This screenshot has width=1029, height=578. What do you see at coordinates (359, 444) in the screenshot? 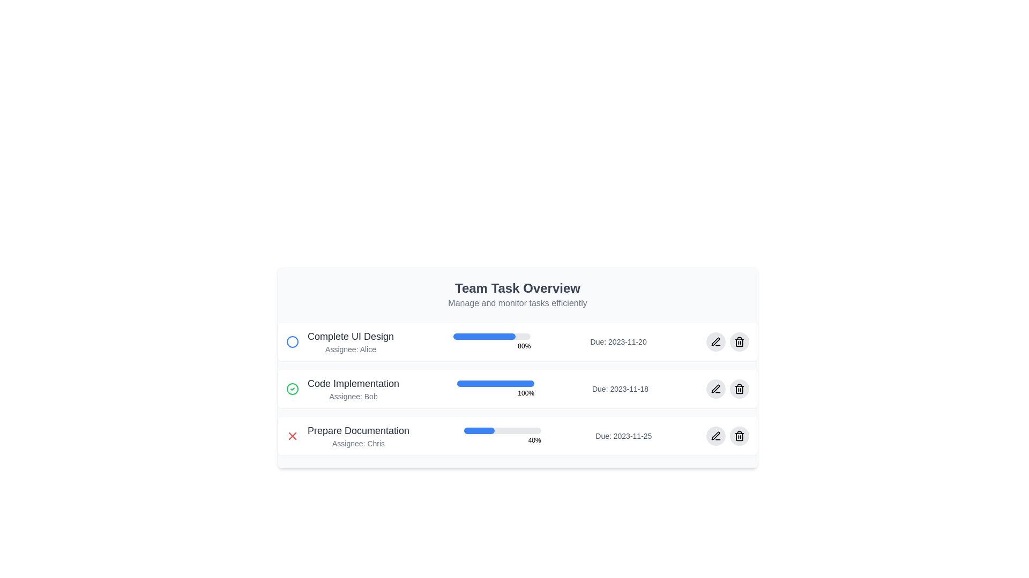
I see `the text label displaying the assignee detail for the task titled 'Prepare Documentation', which is located below the task title in the Team Task Overview panel` at bounding box center [359, 444].